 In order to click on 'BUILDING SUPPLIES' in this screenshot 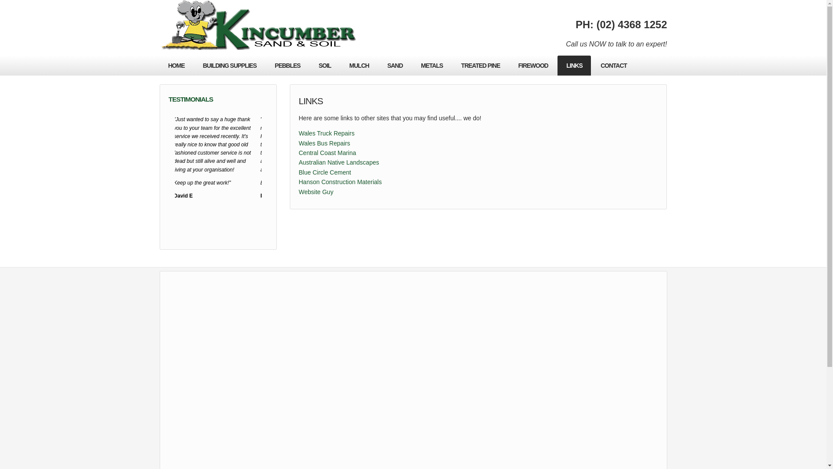, I will do `click(230, 65)`.